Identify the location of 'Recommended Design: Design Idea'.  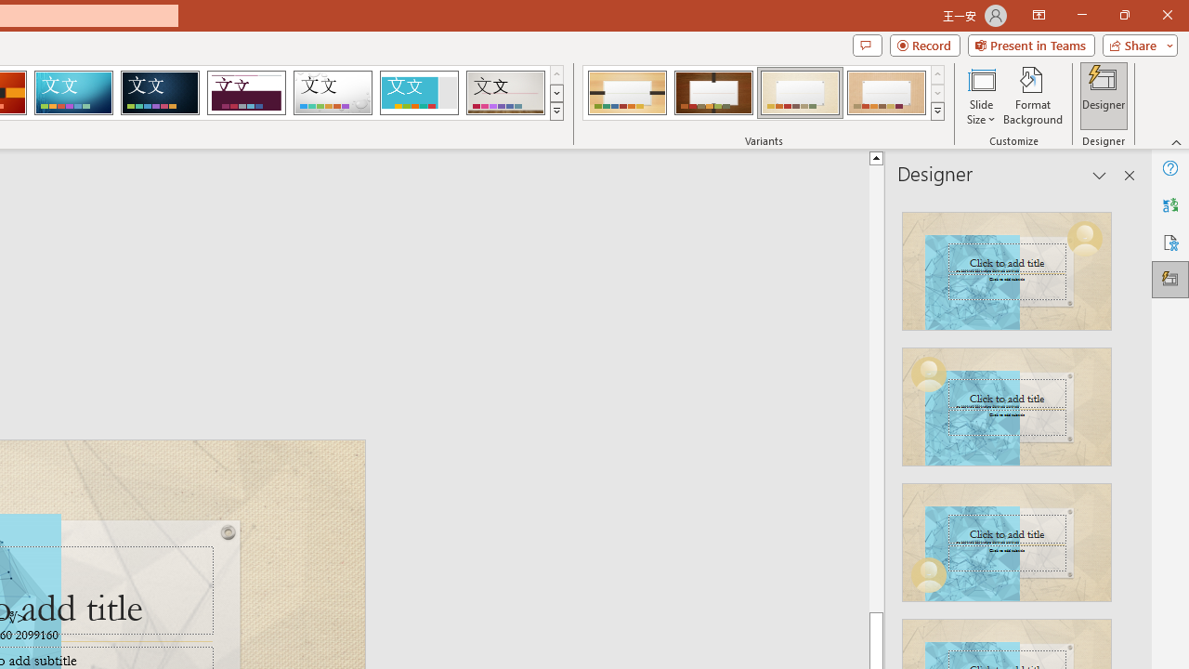
(1006, 266).